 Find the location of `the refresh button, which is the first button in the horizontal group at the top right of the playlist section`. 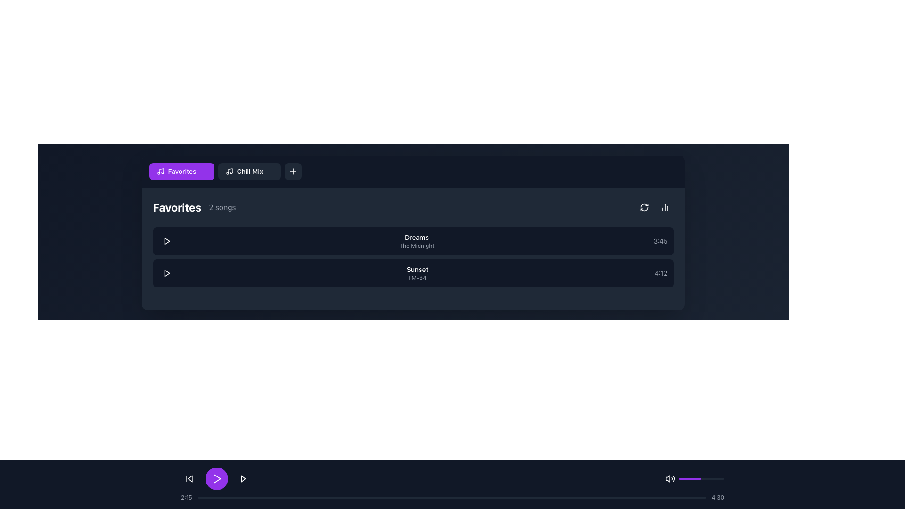

the refresh button, which is the first button in the horizontal group at the top right of the playlist section is located at coordinates (643, 206).